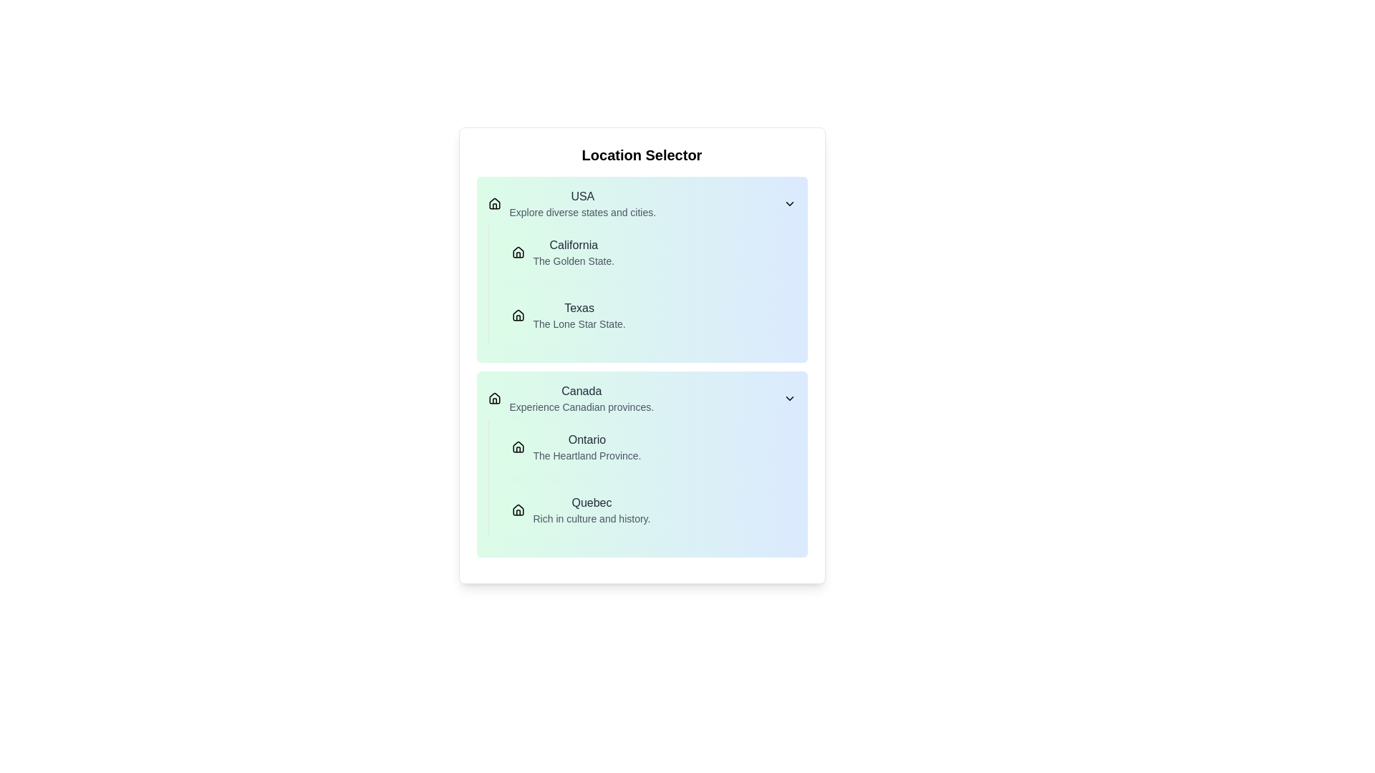  I want to click on the selectable list item for Texas, which is the second item under the 'Explore diverse states and cities.' section, so click(647, 314).